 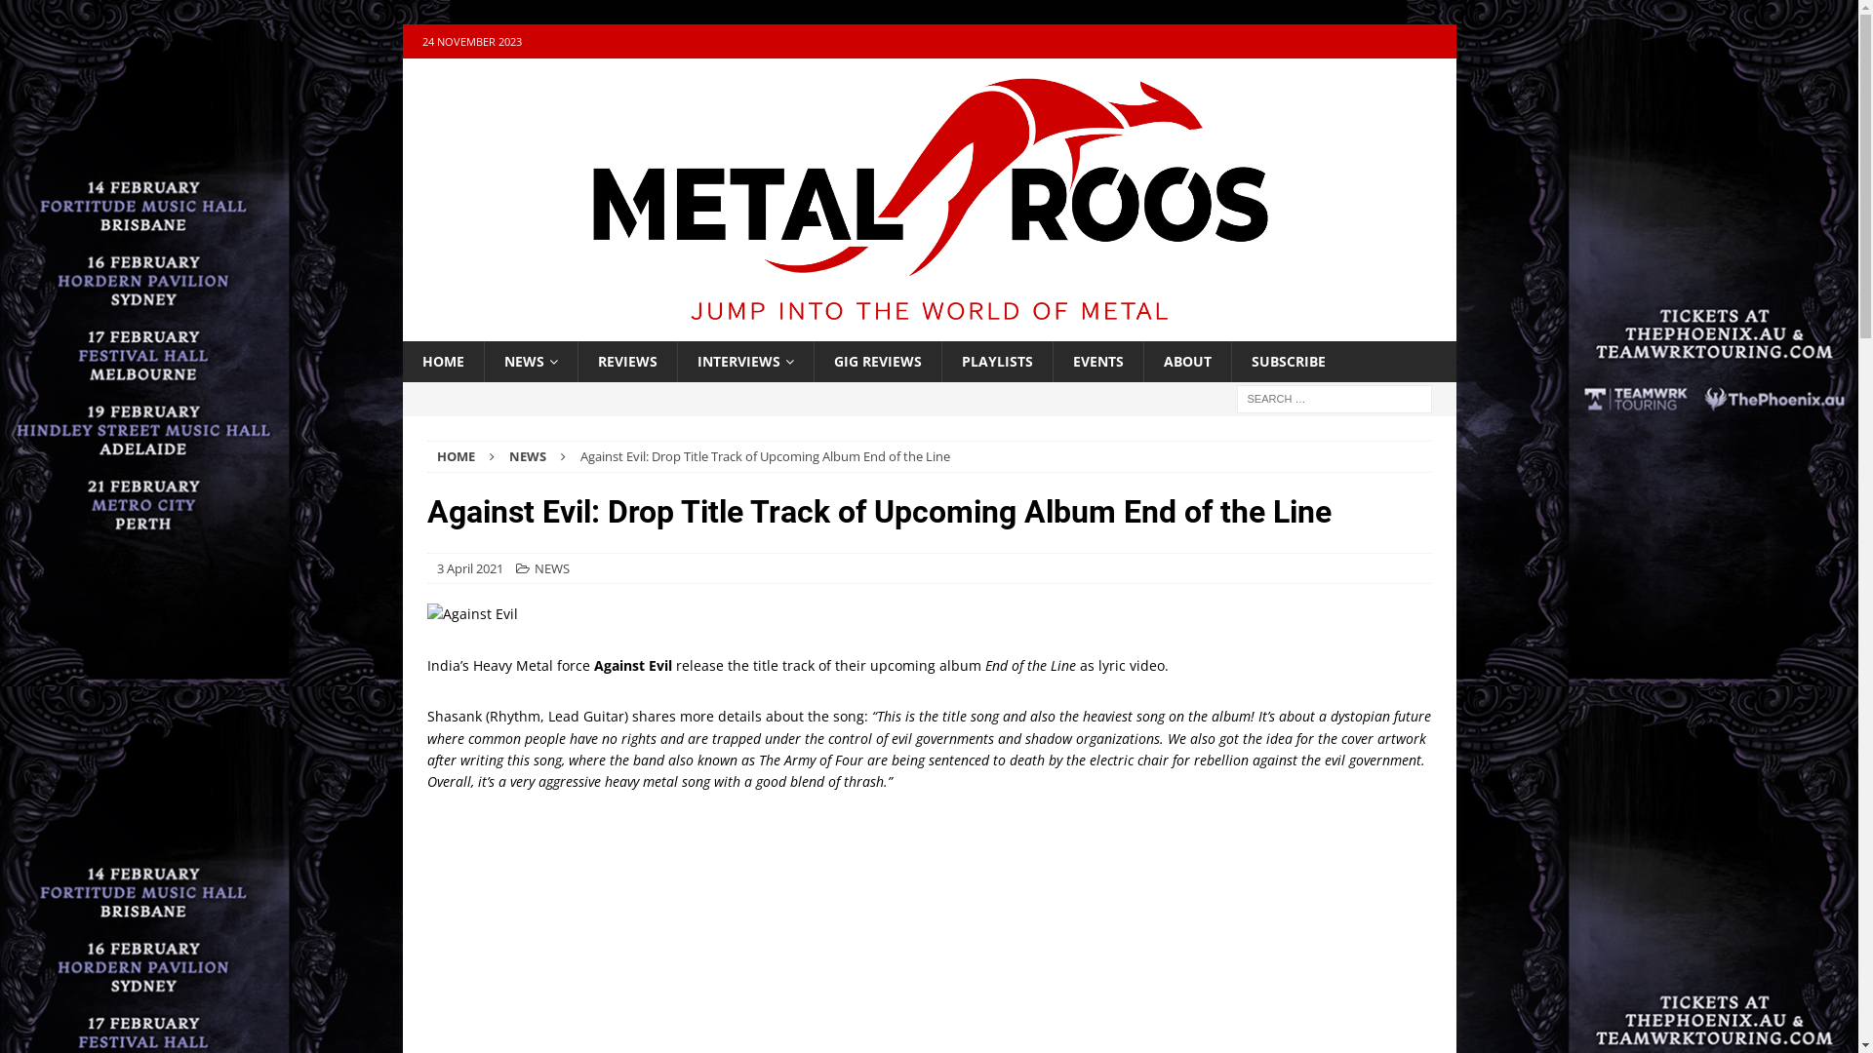 What do you see at coordinates (0, 15) in the screenshot?
I see `'Search'` at bounding box center [0, 15].